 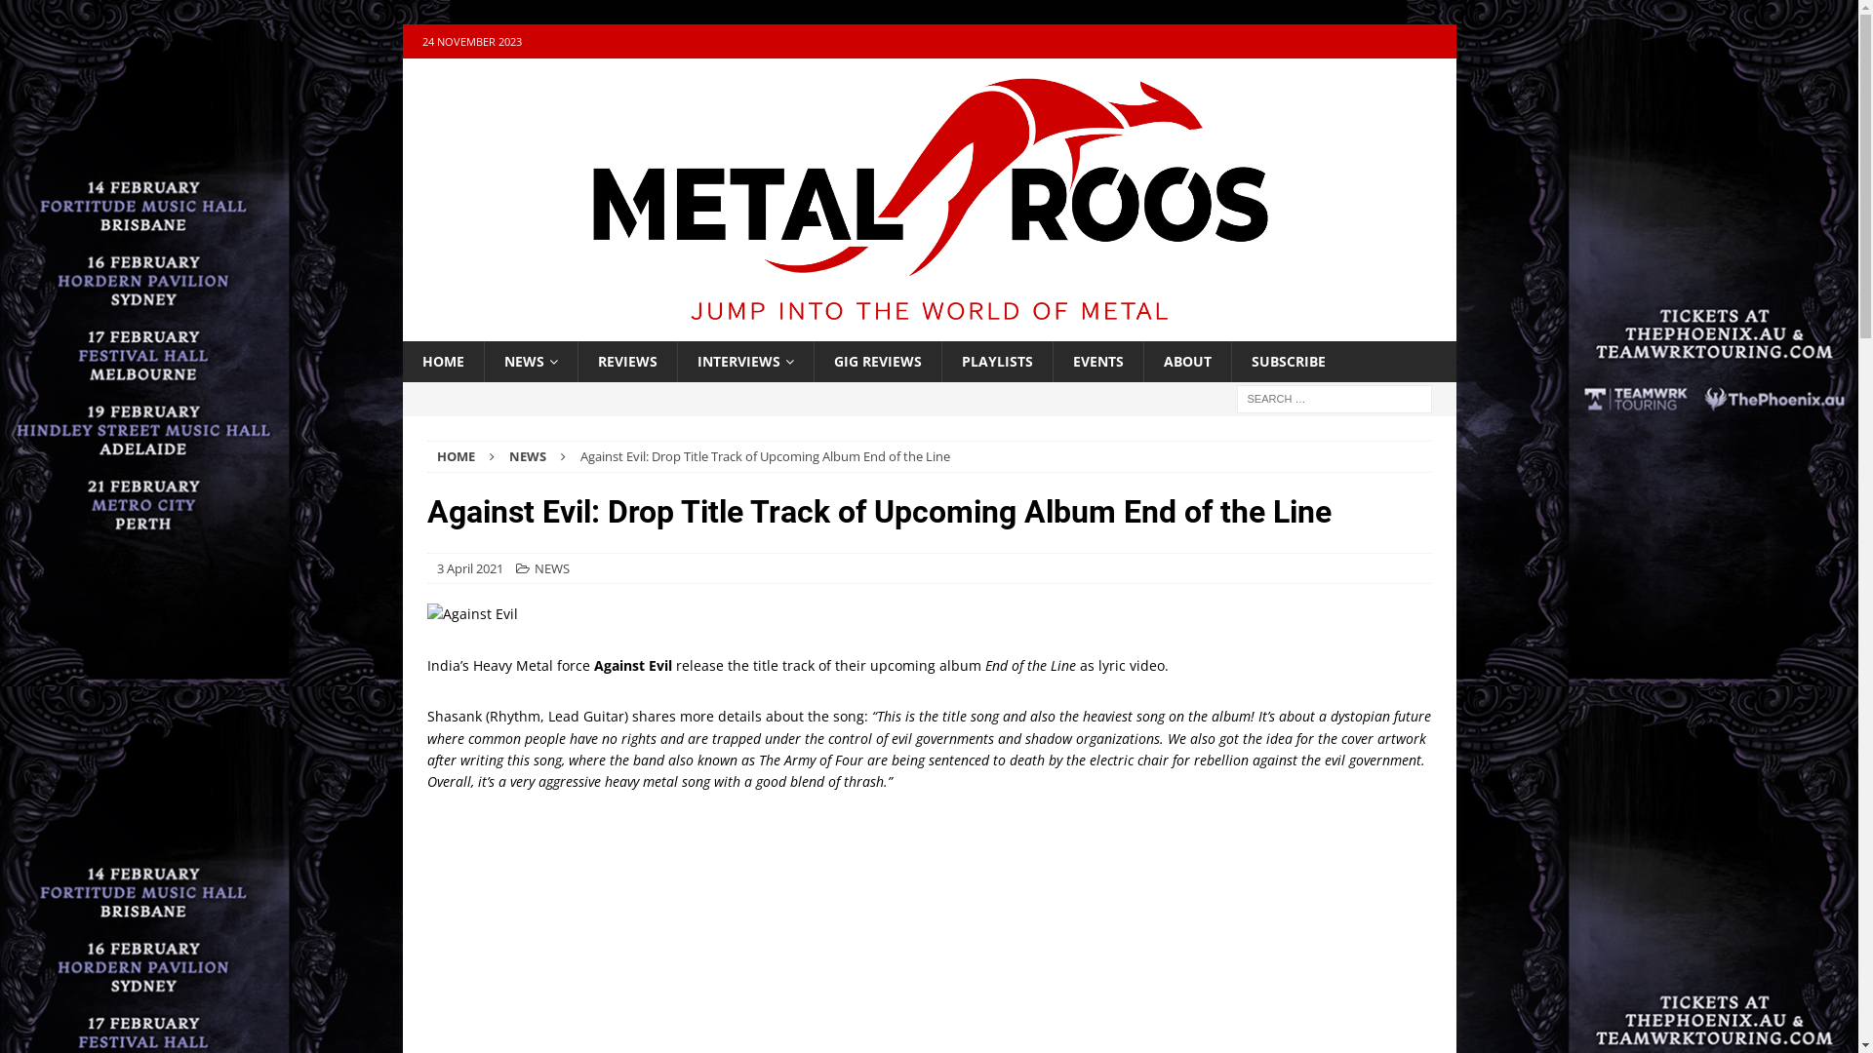 What do you see at coordinates (0, 15) in the screenshot?
I see `'Search'` at bounding box center [0, 15].